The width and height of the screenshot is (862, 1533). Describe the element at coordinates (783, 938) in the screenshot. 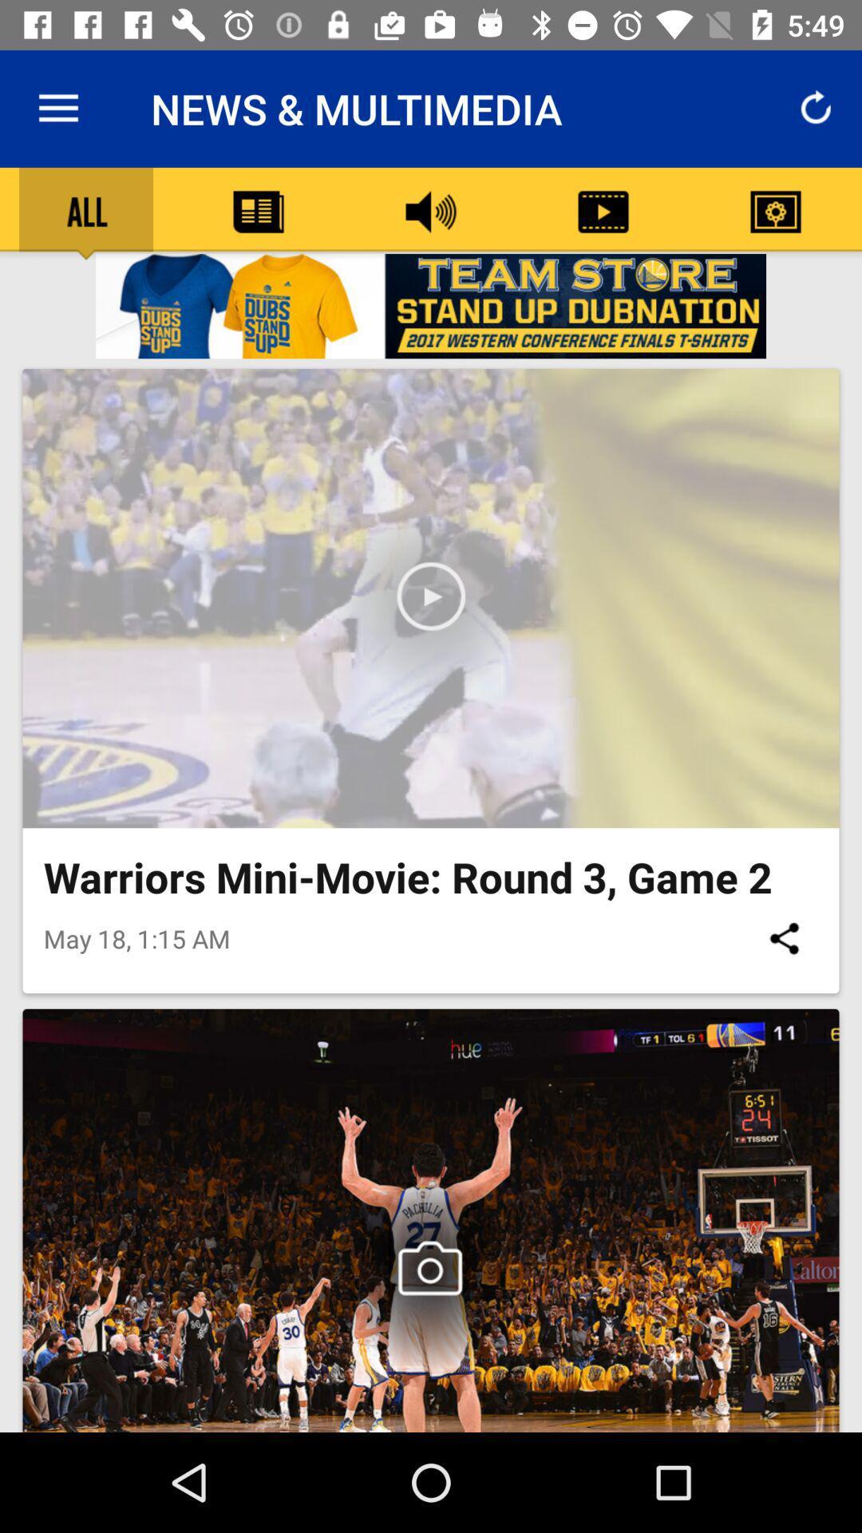

I see `the icon below the warriors mini movie icon` at that location.